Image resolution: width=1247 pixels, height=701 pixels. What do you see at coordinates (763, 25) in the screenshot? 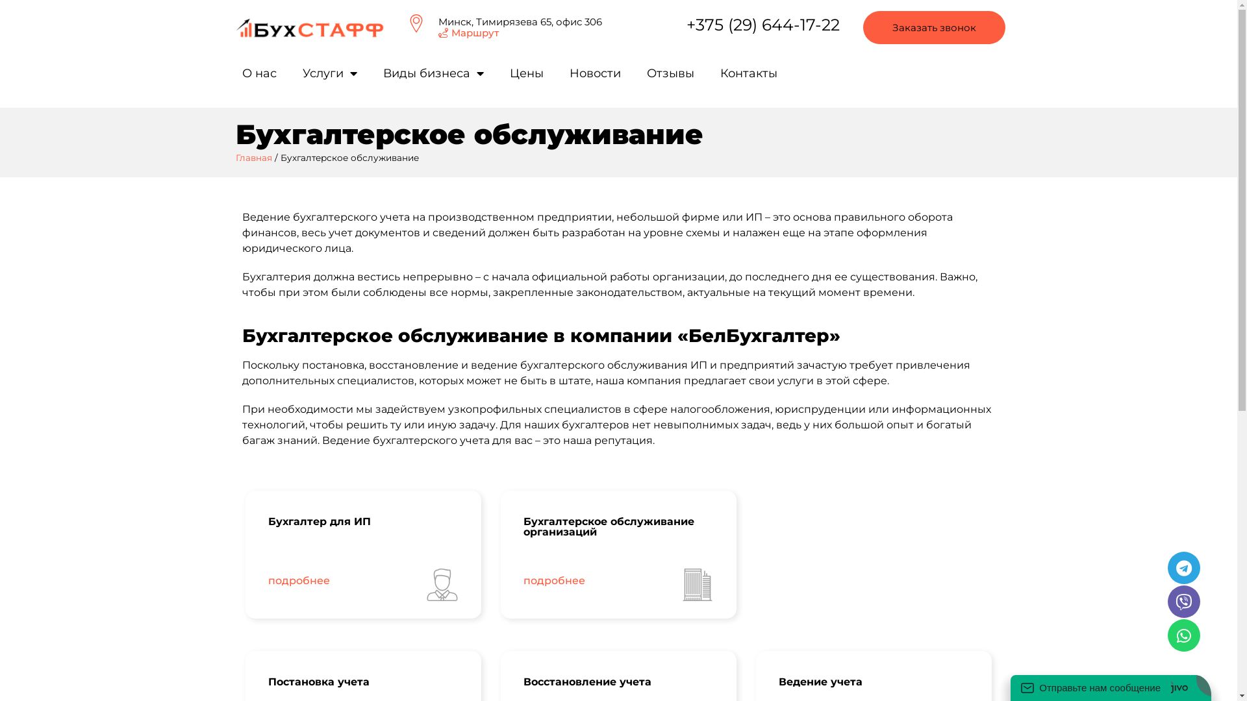
I see `'+375 (29) 644-17-22'` at bounding box center [763, 25].